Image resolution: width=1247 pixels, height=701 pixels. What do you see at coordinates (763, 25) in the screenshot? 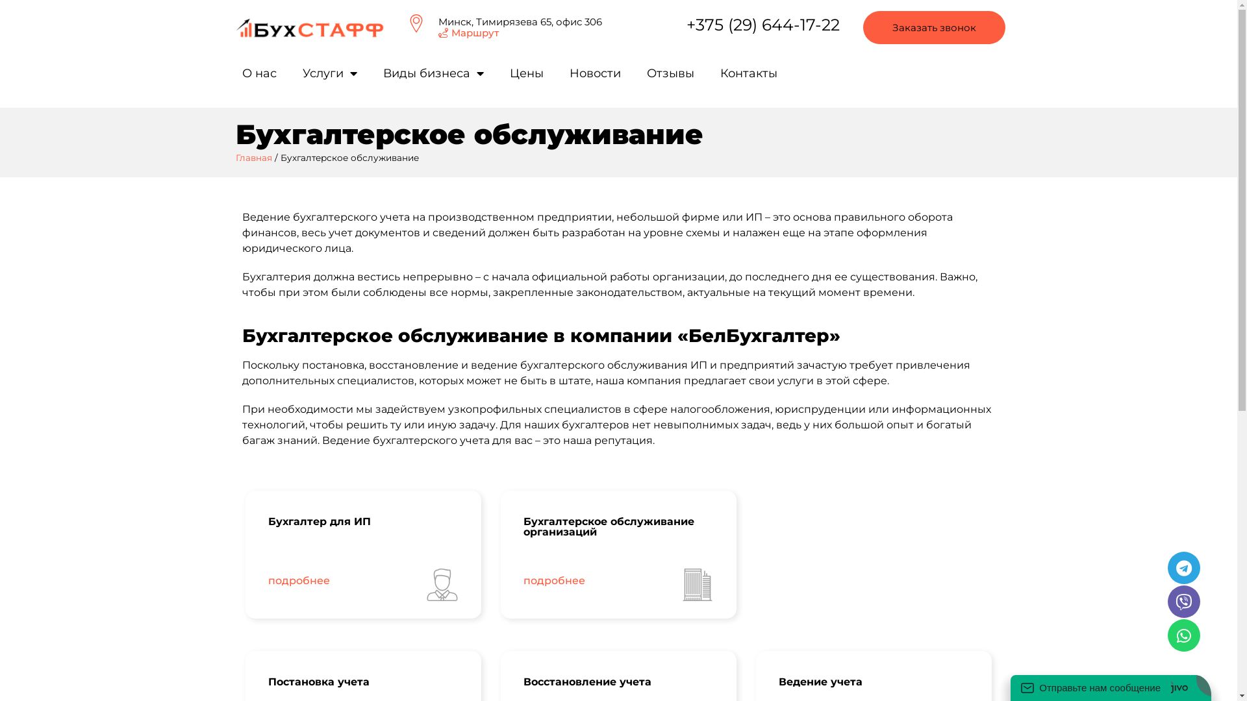
I see `'+375 (29) 644-17-22'` at bounding box center [763, 25].